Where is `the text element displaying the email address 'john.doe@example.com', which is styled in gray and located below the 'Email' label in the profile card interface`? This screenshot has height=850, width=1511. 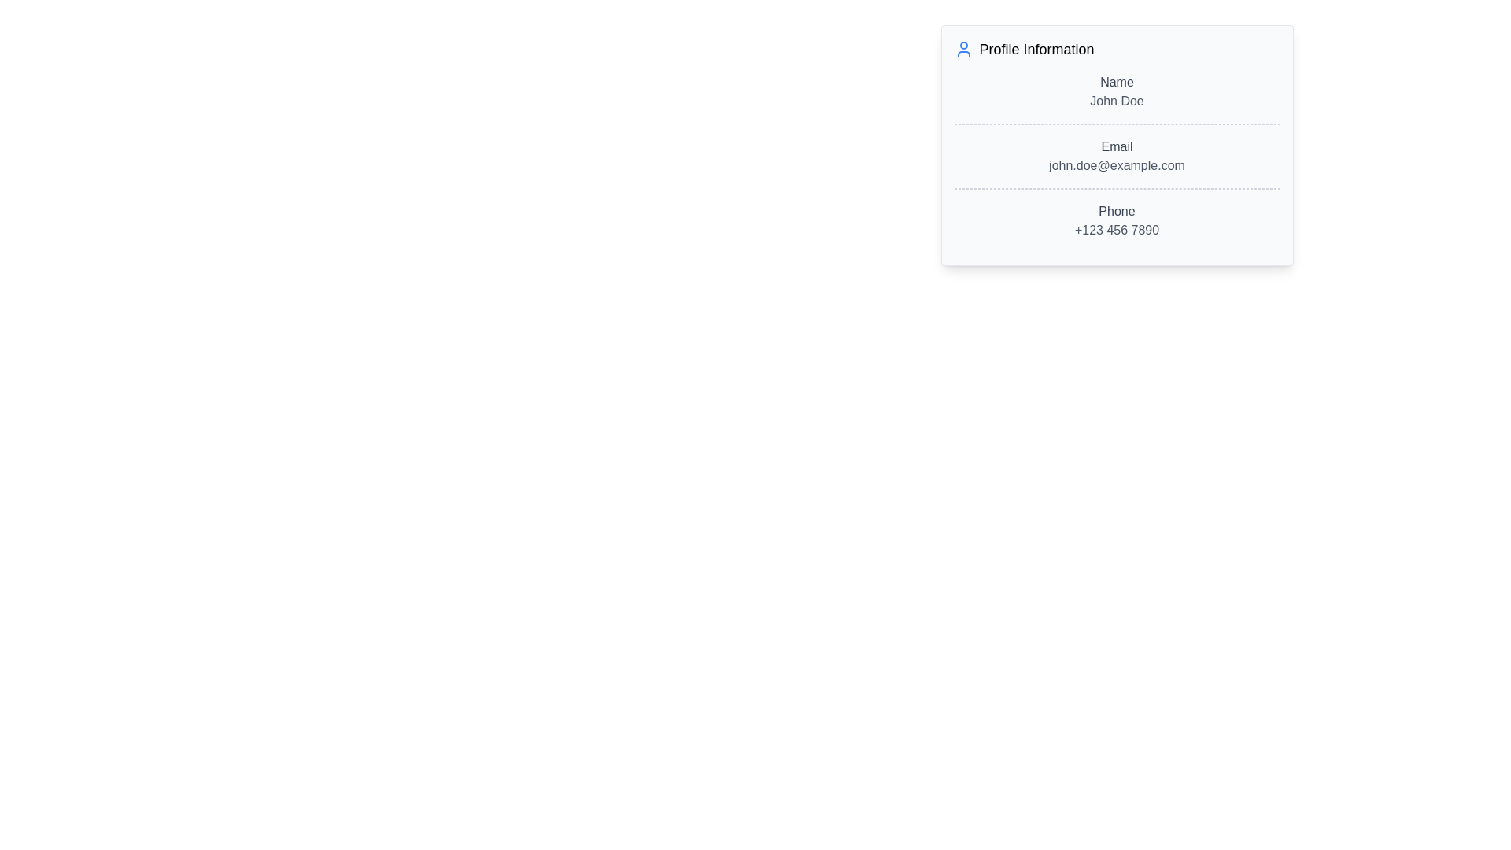 the text element displaying the email address 'john.doe@example.com', which is styled in gray and located below the 'Email' label in the profile card interface is located at coordinates (1116, 166).